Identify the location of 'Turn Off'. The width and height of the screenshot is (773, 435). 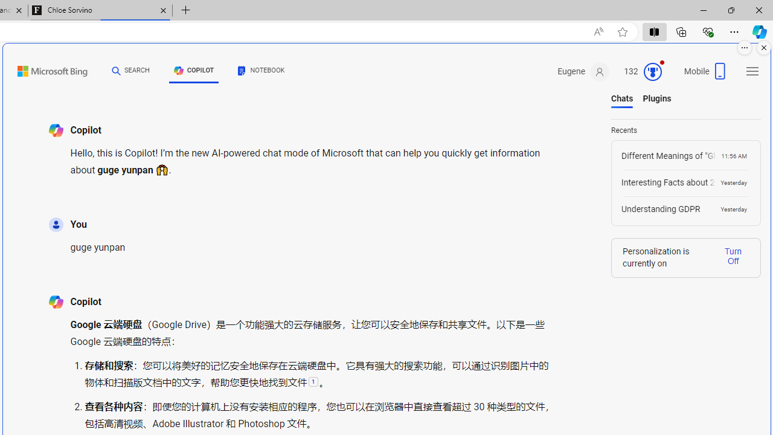
(733, 255).